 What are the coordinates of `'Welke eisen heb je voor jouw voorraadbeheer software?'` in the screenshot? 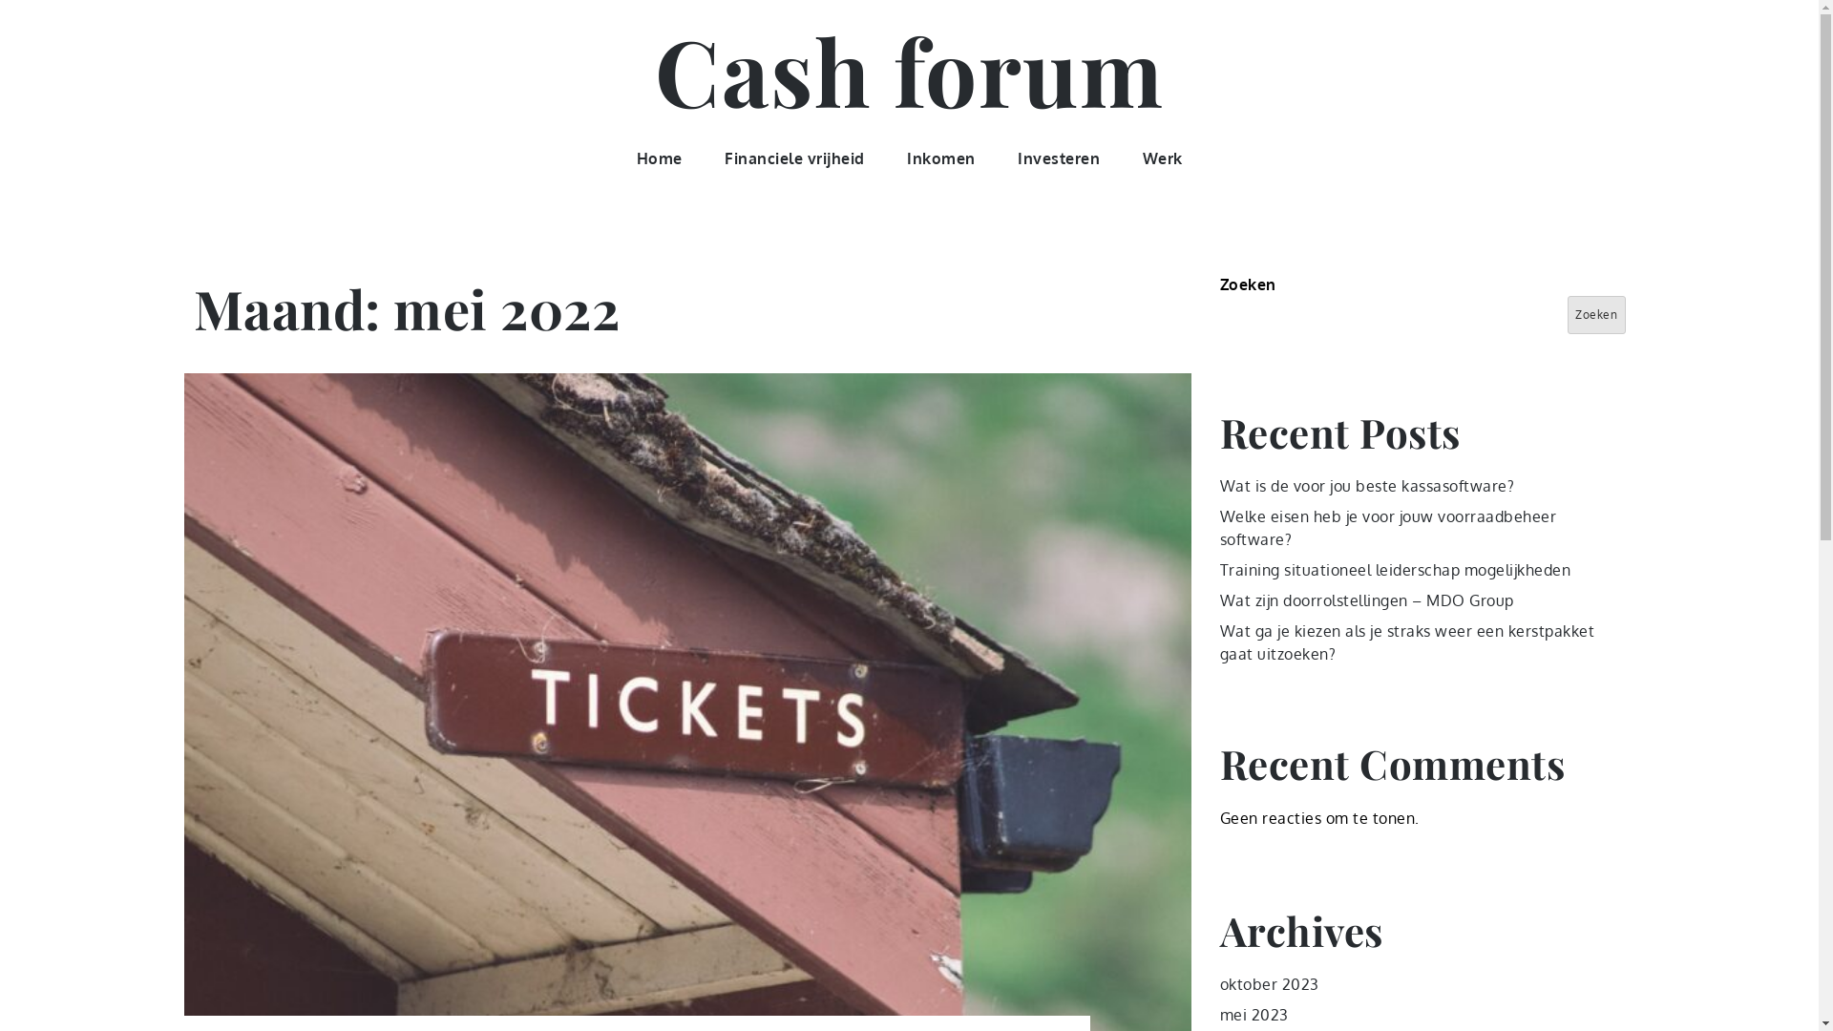 It's located at (1388, 527).